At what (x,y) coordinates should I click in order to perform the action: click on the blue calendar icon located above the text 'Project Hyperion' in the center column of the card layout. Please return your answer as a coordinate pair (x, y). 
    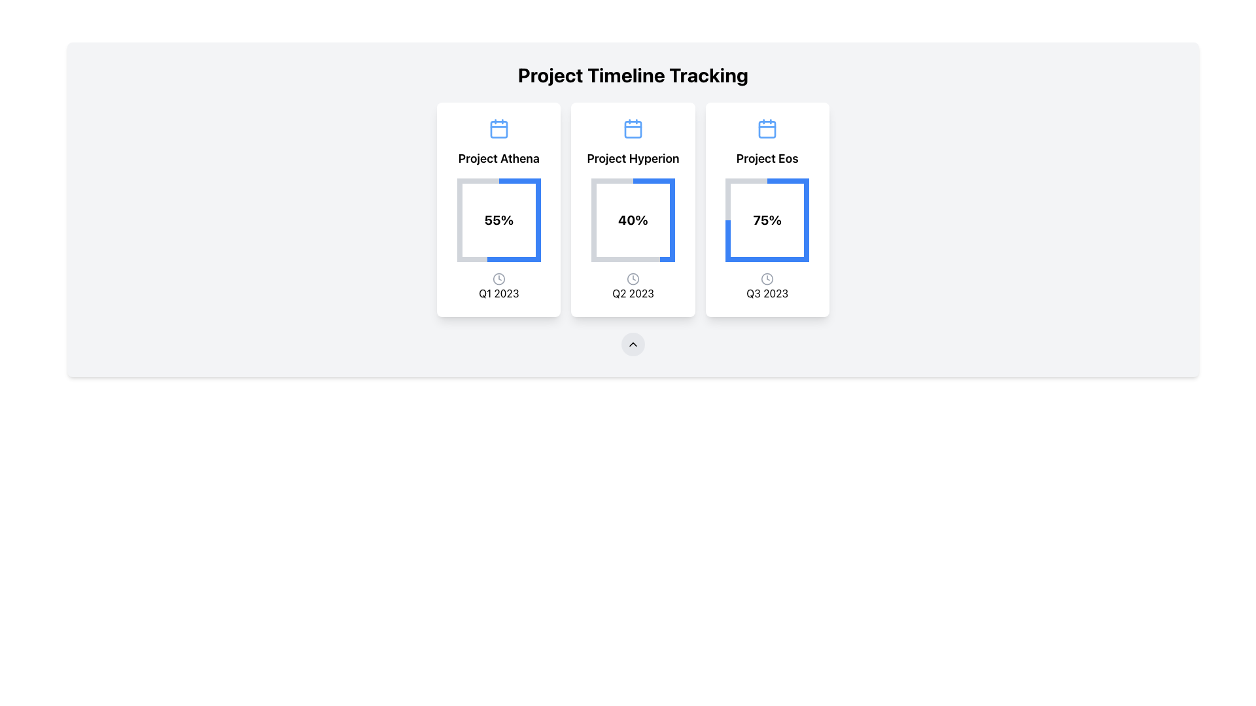
    Looking at the image, I should click on (633, 128).